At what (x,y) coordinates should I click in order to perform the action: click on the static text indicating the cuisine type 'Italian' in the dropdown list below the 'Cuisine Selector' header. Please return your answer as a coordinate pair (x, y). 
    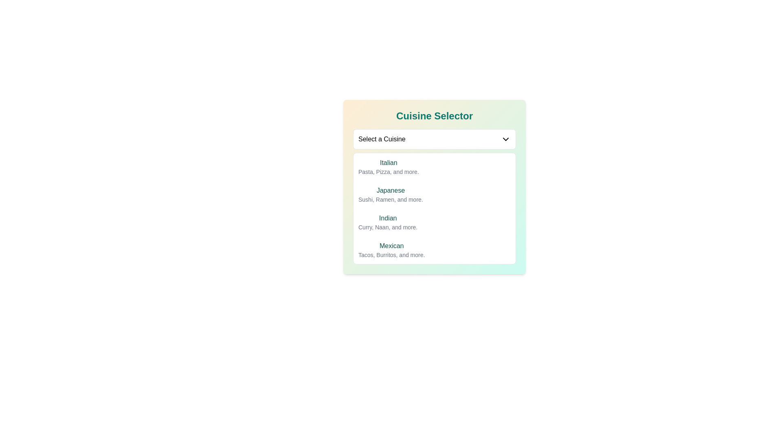
    Looking at the image, I should click on (388, 163).